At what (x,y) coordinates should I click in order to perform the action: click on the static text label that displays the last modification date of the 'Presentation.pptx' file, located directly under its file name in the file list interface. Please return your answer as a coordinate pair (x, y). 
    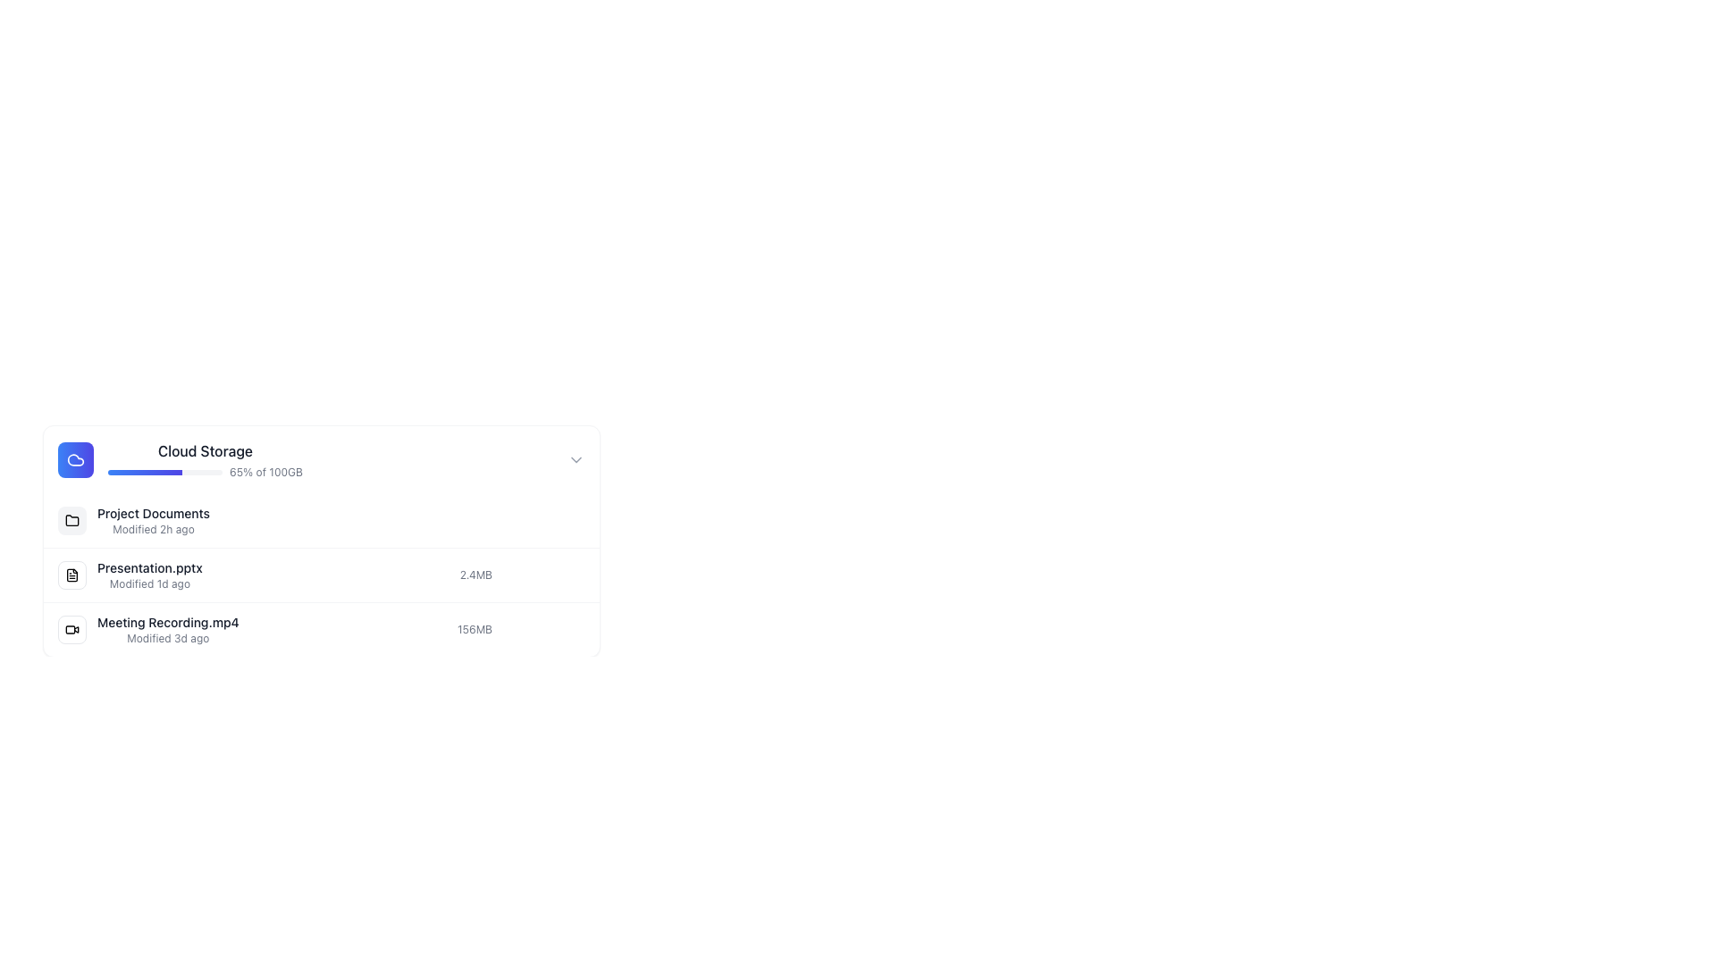
    Looking at the image, I should click on (149, 584).